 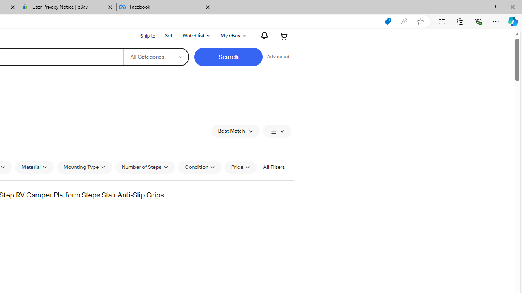 What do you see at coordinates (68, 7) in the screenshot?
I see `'User Privacy Notice | eBay'` at bounding box center [68, 7].